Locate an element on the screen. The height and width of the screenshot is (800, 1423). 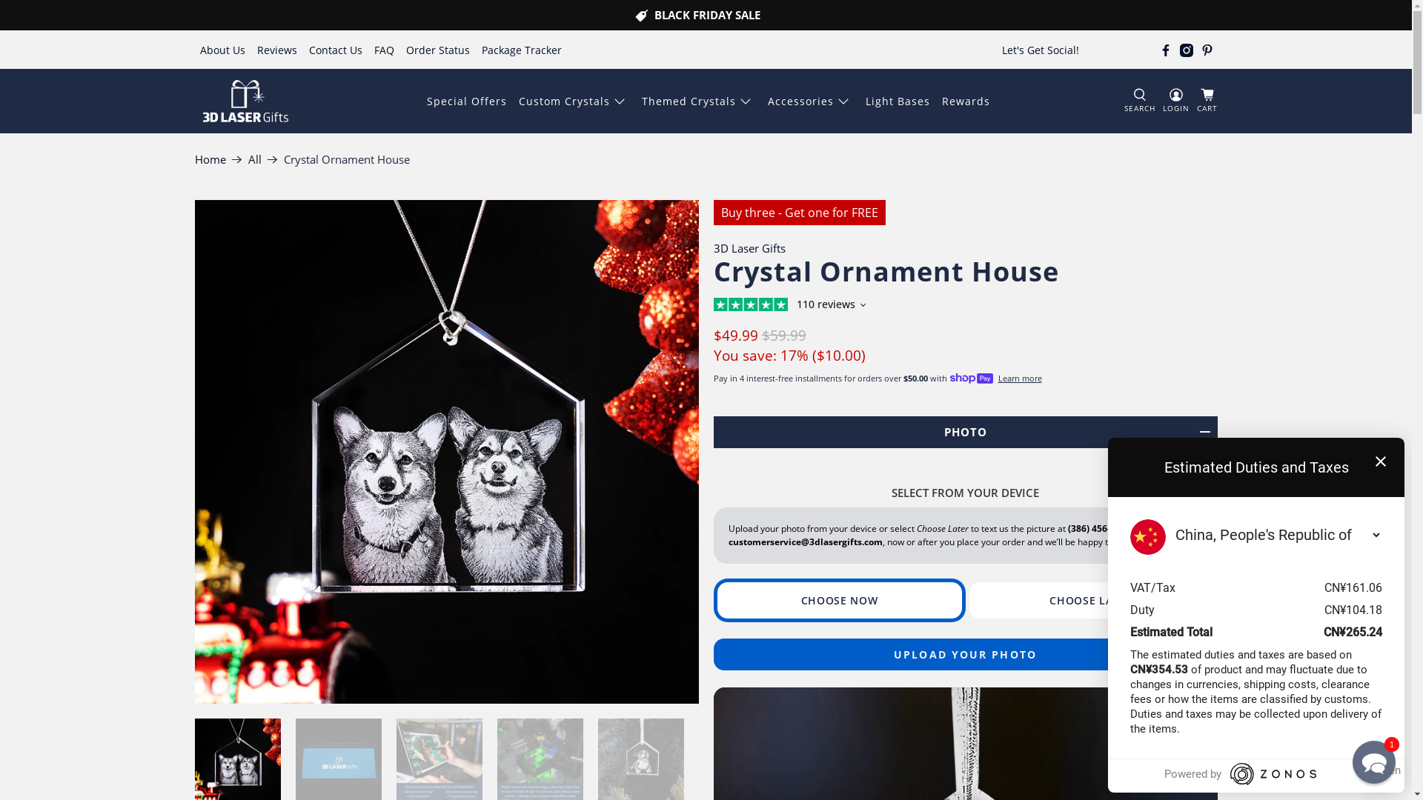
'Open Zonos Hello' is located at coordinates (1379, 772).